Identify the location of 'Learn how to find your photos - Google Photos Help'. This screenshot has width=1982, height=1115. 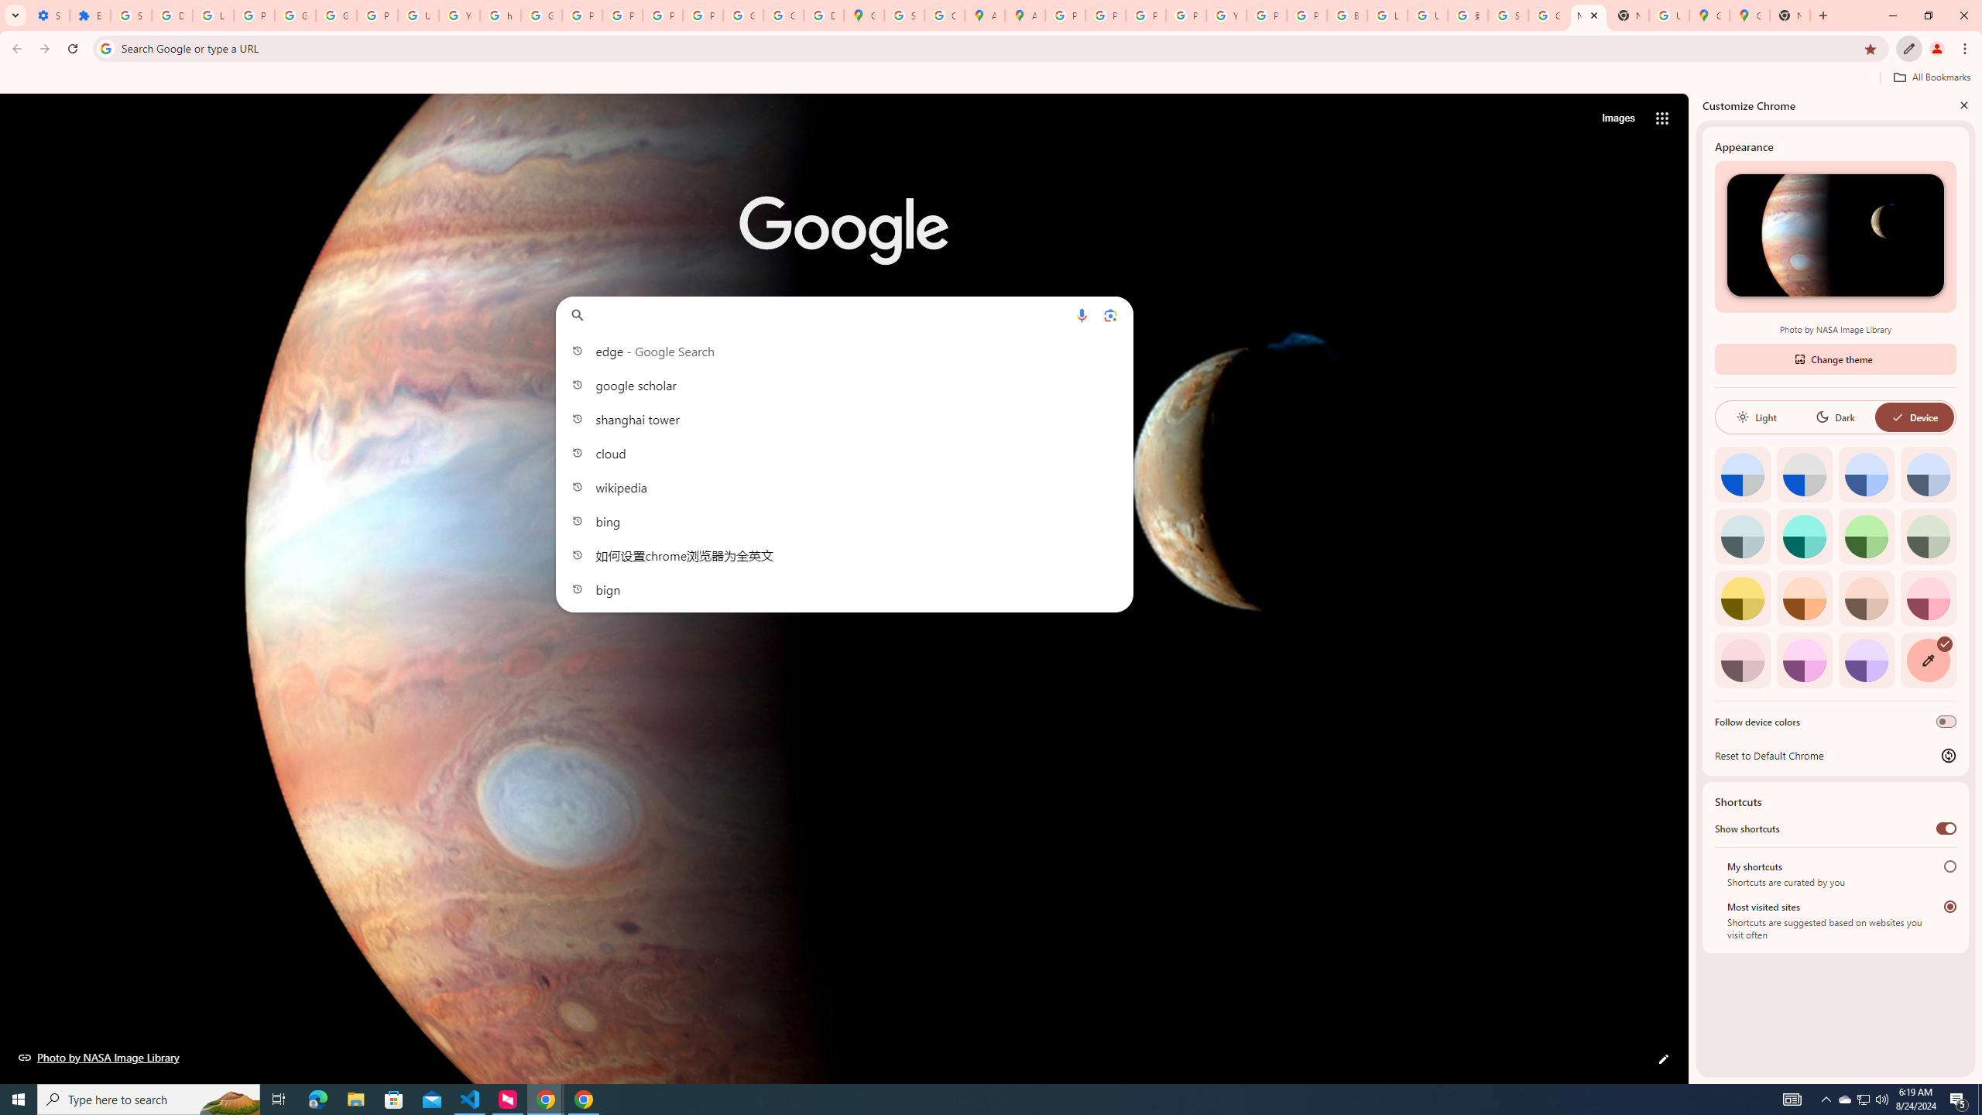
(212, 15).